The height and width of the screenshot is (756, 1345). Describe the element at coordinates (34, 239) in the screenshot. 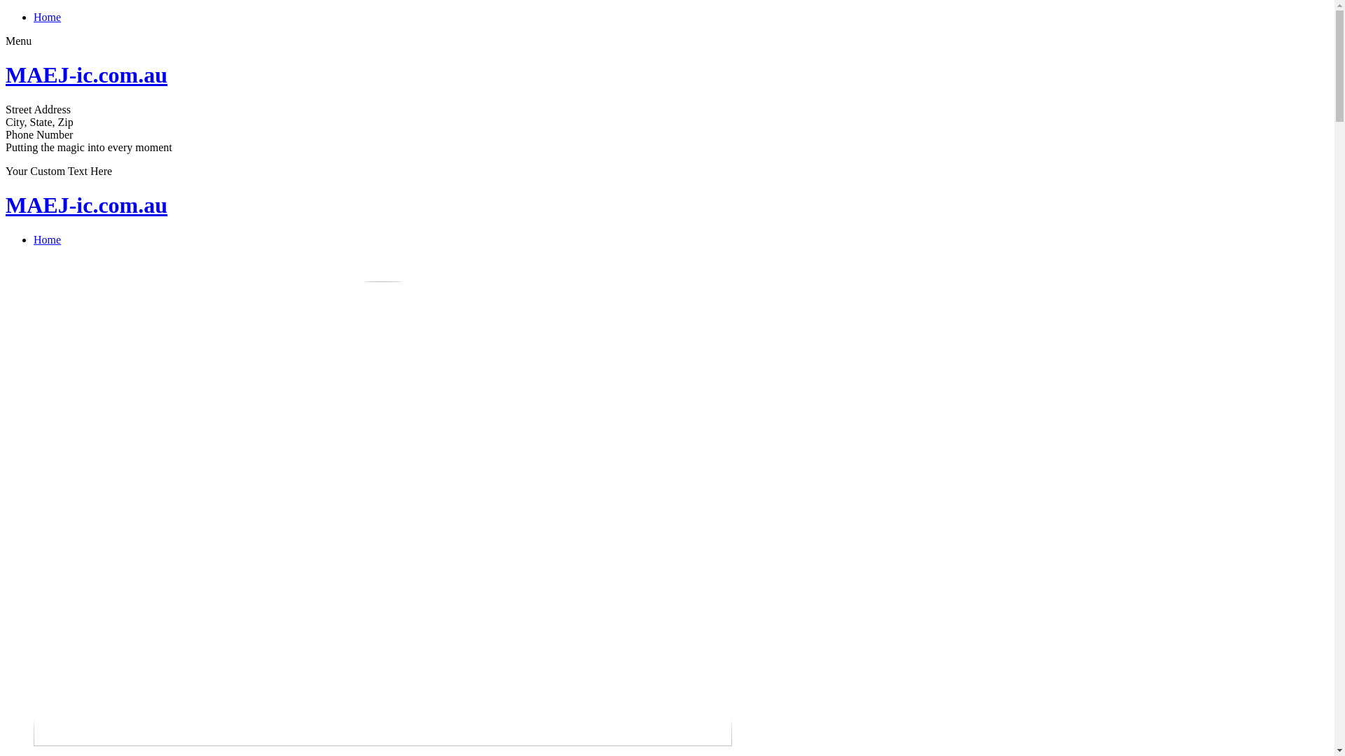

I see `'Home'` at that location.